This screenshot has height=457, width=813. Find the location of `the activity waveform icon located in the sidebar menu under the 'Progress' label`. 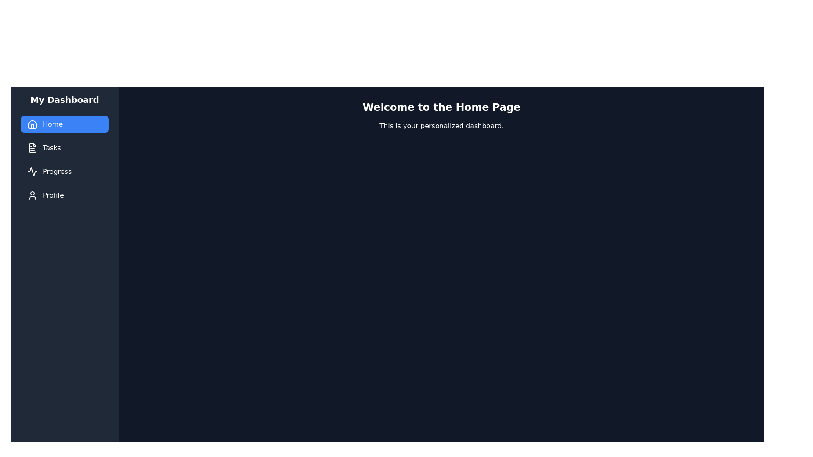

the activity waveform icon located in the sidebar menu under the 'Progress' label is located at coordinates (32, 171).